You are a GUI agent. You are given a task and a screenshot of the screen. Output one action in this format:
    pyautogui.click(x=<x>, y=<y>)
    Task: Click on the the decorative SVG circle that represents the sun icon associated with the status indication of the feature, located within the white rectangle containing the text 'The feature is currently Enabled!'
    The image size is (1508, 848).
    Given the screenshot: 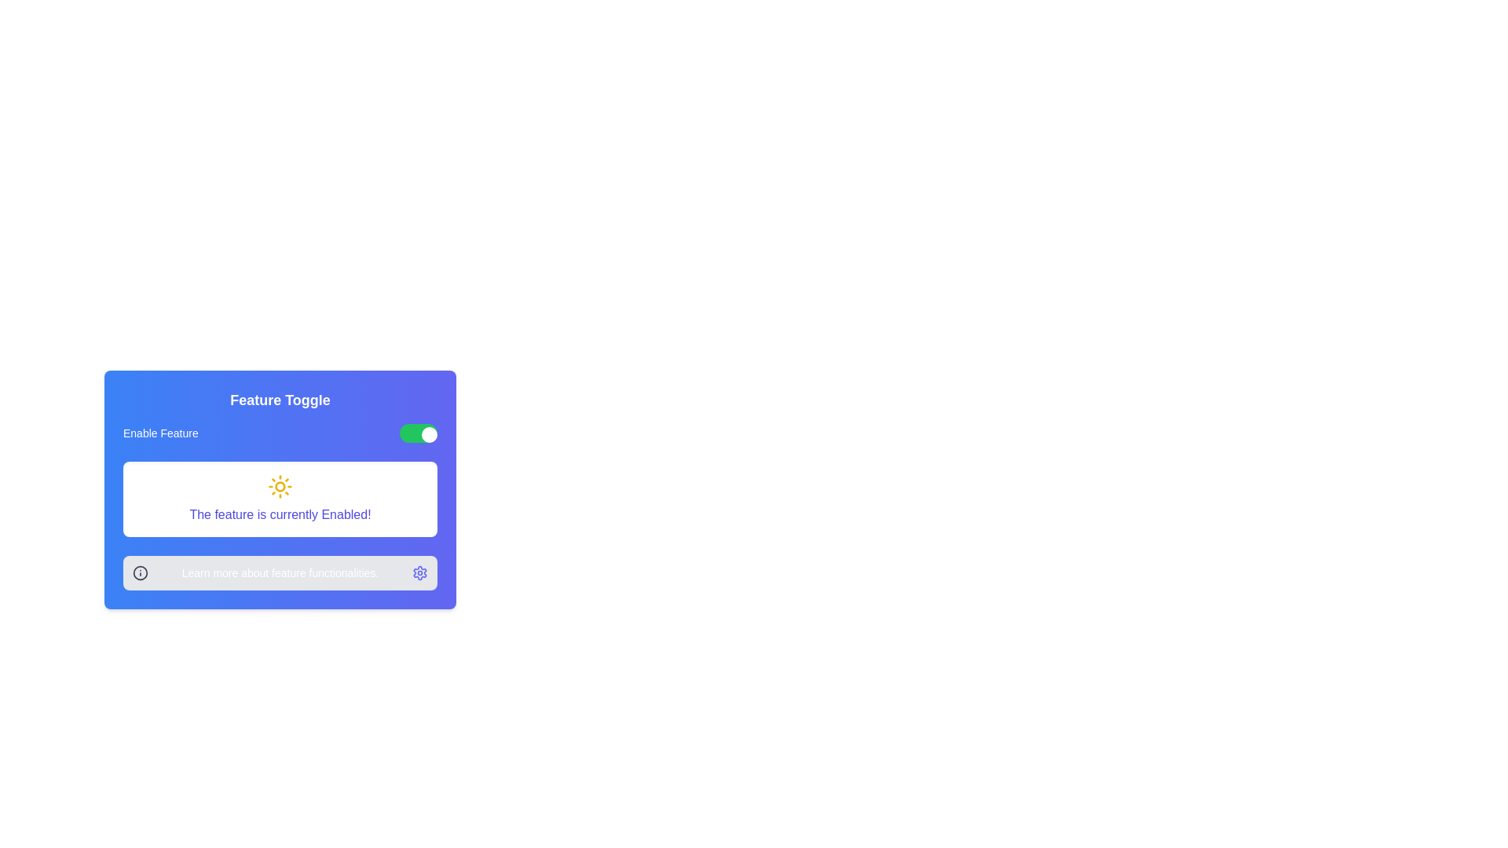 What is the action you would take?
    pyautogui.click(x=280, y=486)
    